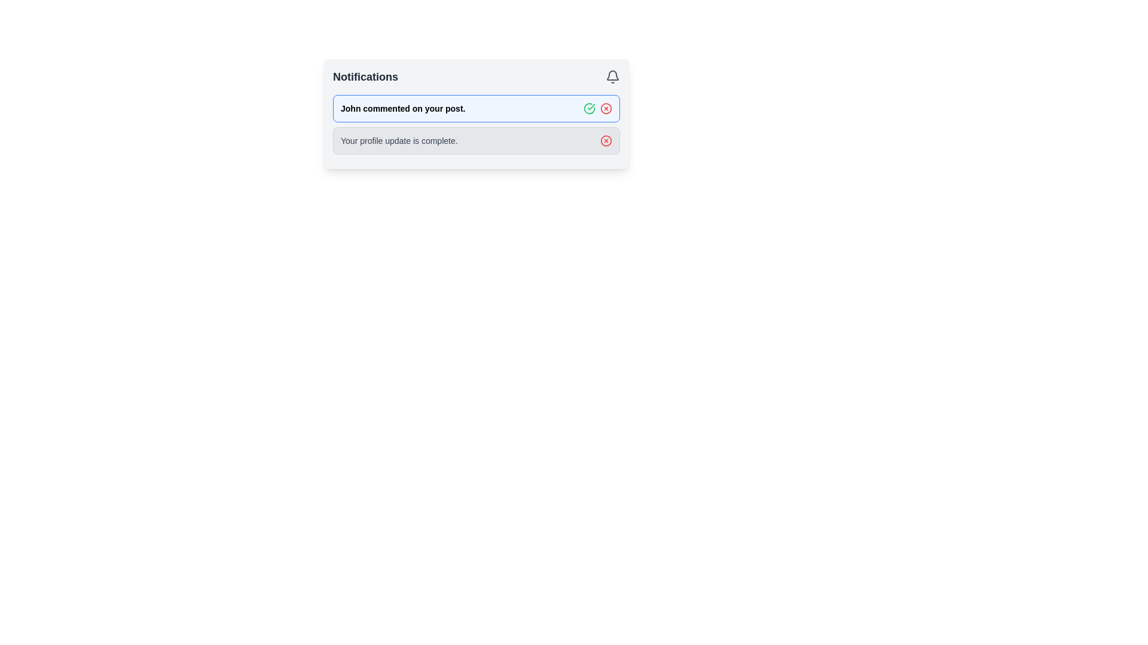 This screenshot has height=645, width=1148. I want to click on the text component displaying the message 'Your profile update is complete.' in the second notification block of the notifications panel, so click(399, 140).